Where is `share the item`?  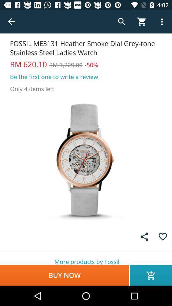 share the item is located at coordinates (144, 236).